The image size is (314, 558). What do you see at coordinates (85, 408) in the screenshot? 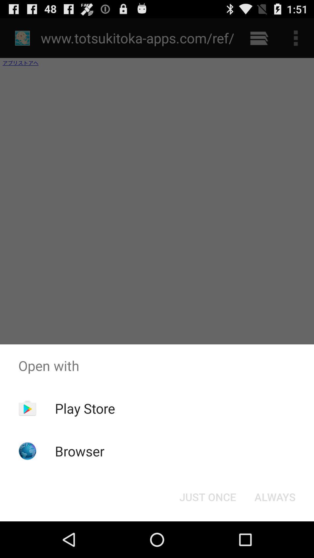
I see `app above the browser item` at bounding box center [85, 408].